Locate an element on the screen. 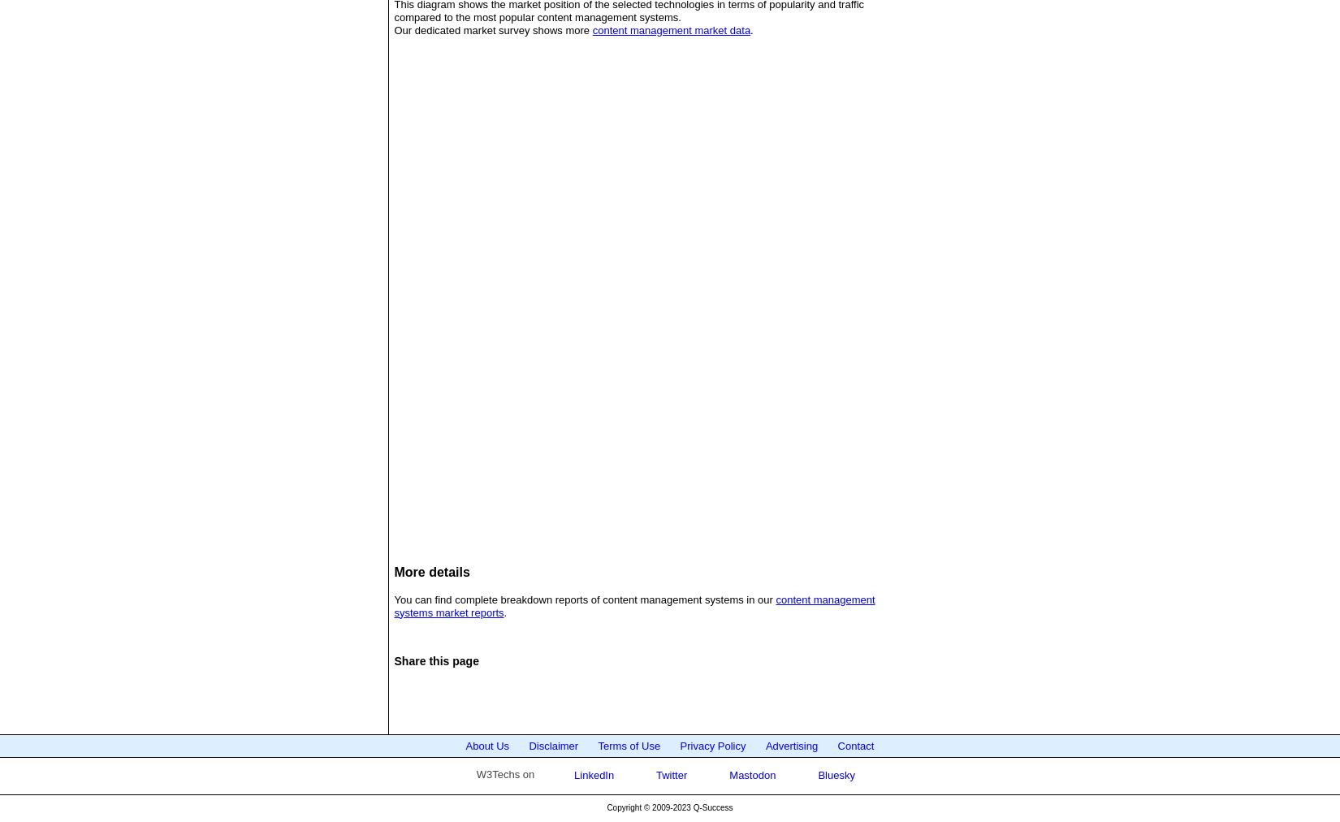 This screenshot has height=822, width=1340. 'About Us' is located at coordinates (486, 745).